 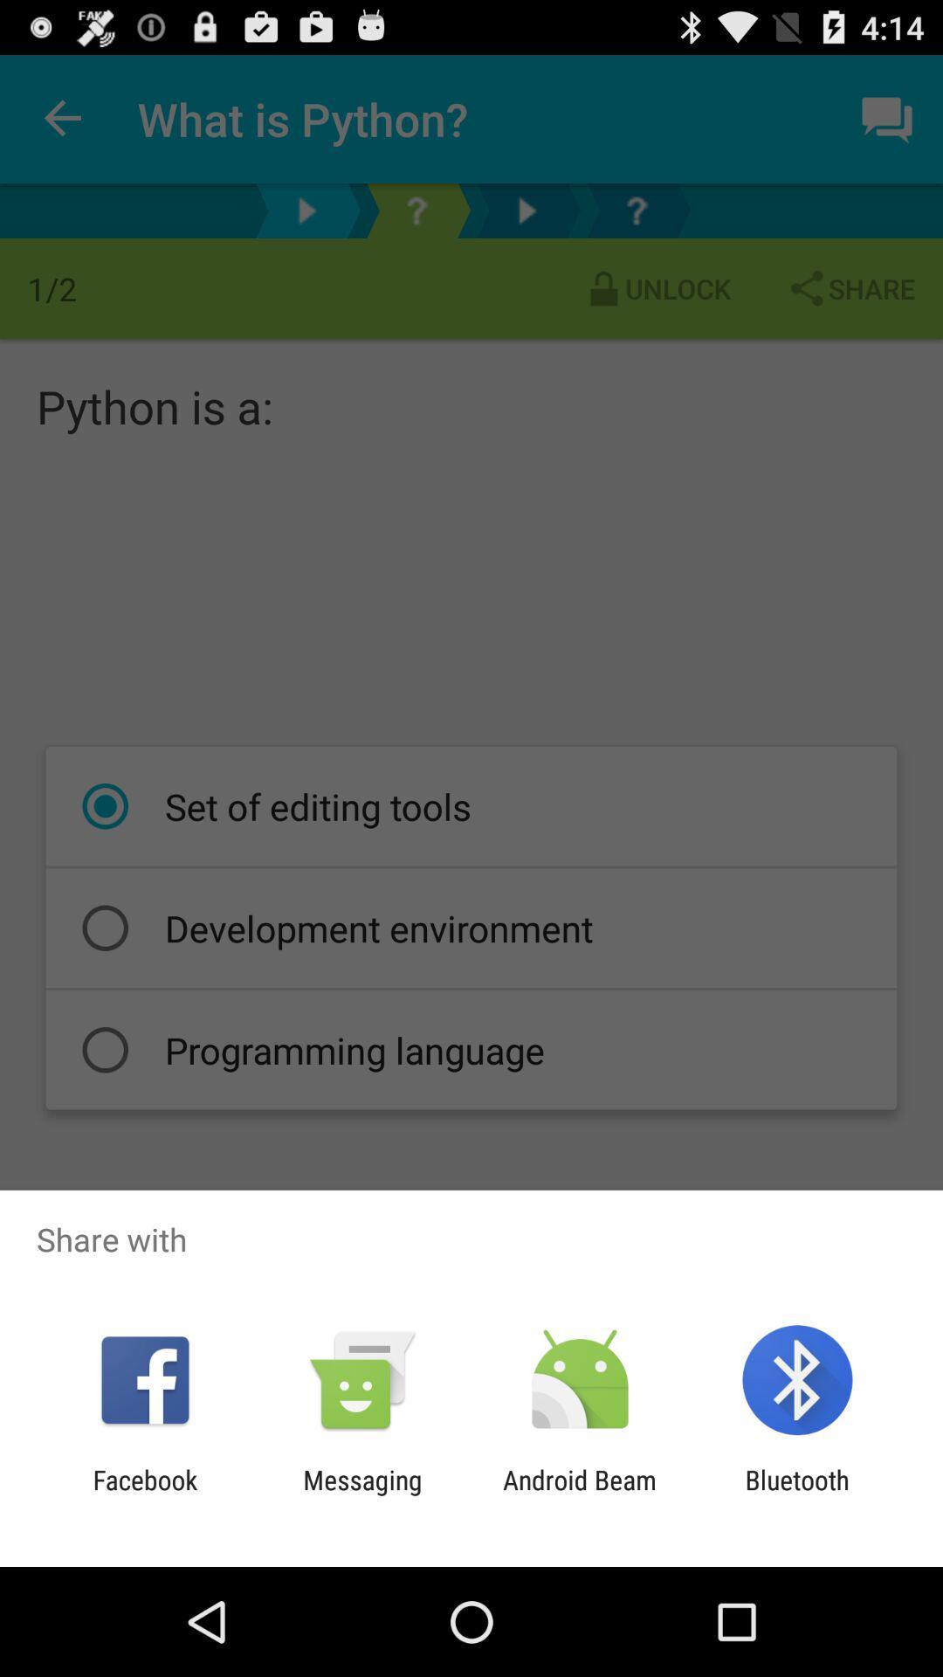 What do you see at coordinates (797, 1494) in the screenshot?
I see `the item next to android beam` at bounding box center [797, 1494].